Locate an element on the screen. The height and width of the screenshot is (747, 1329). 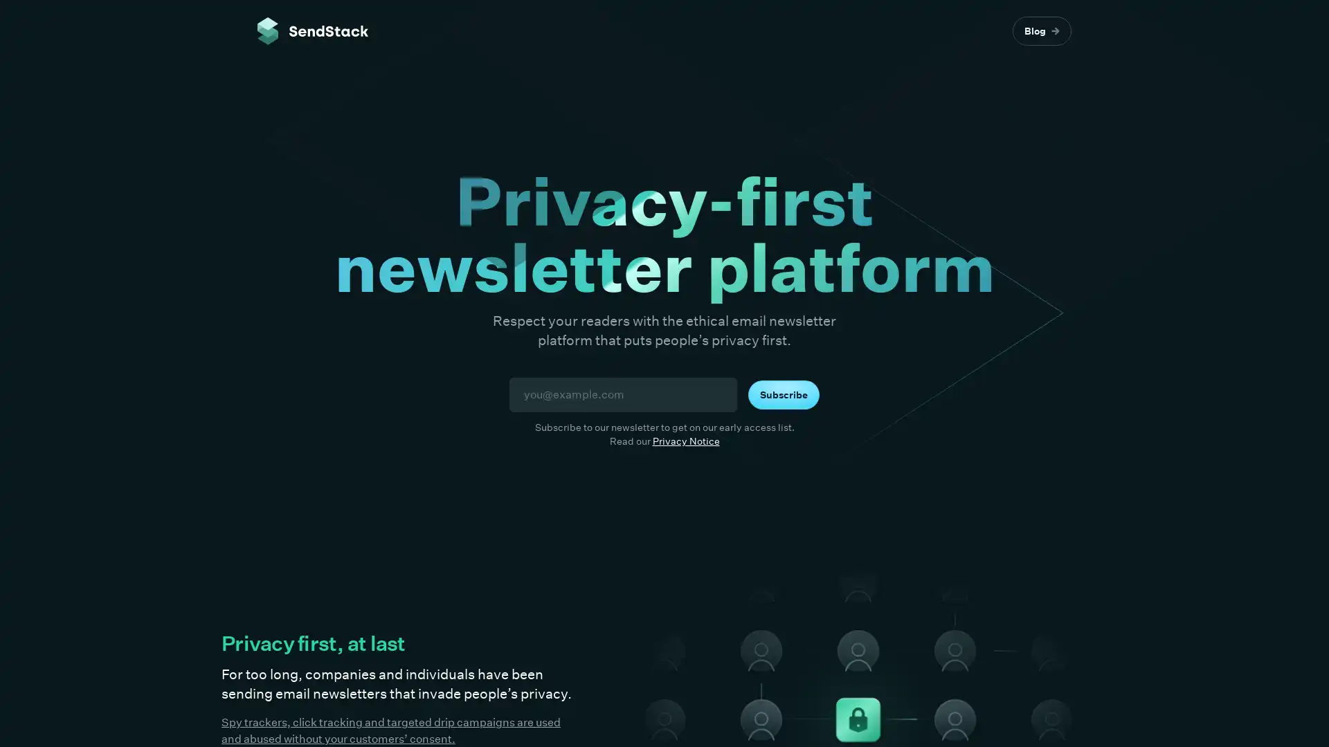
Subscribe is located at coordinates (784, 394).